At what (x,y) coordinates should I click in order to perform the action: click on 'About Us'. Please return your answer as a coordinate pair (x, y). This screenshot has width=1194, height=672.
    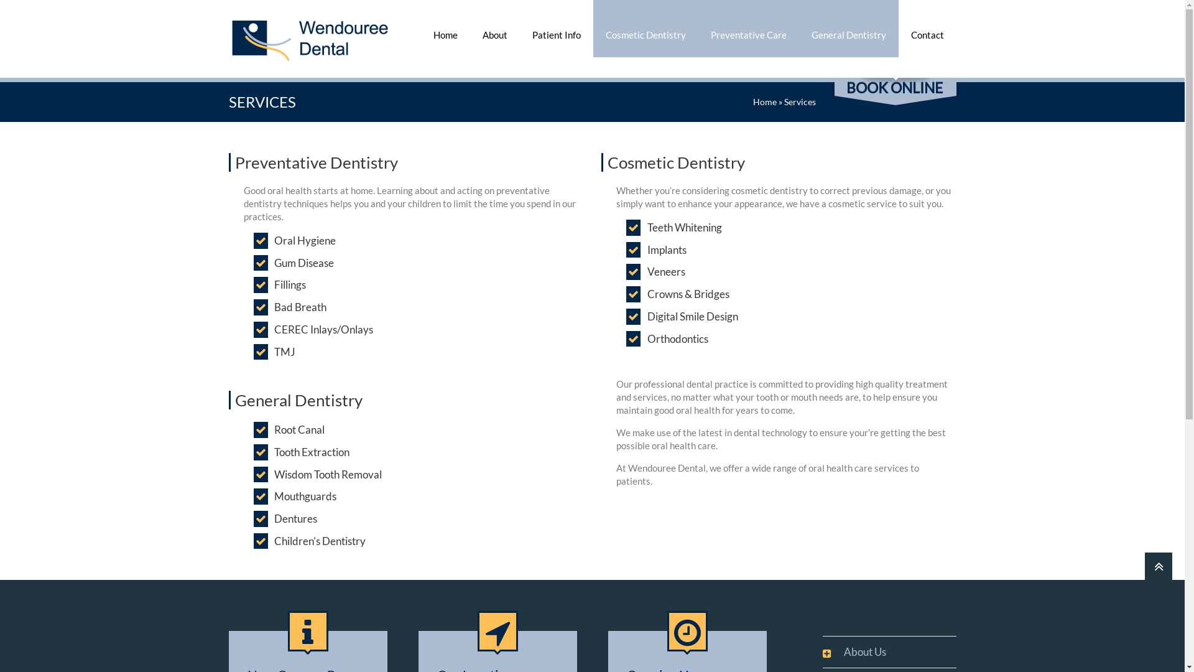
    Looking at the image, I should click on (858, 651).